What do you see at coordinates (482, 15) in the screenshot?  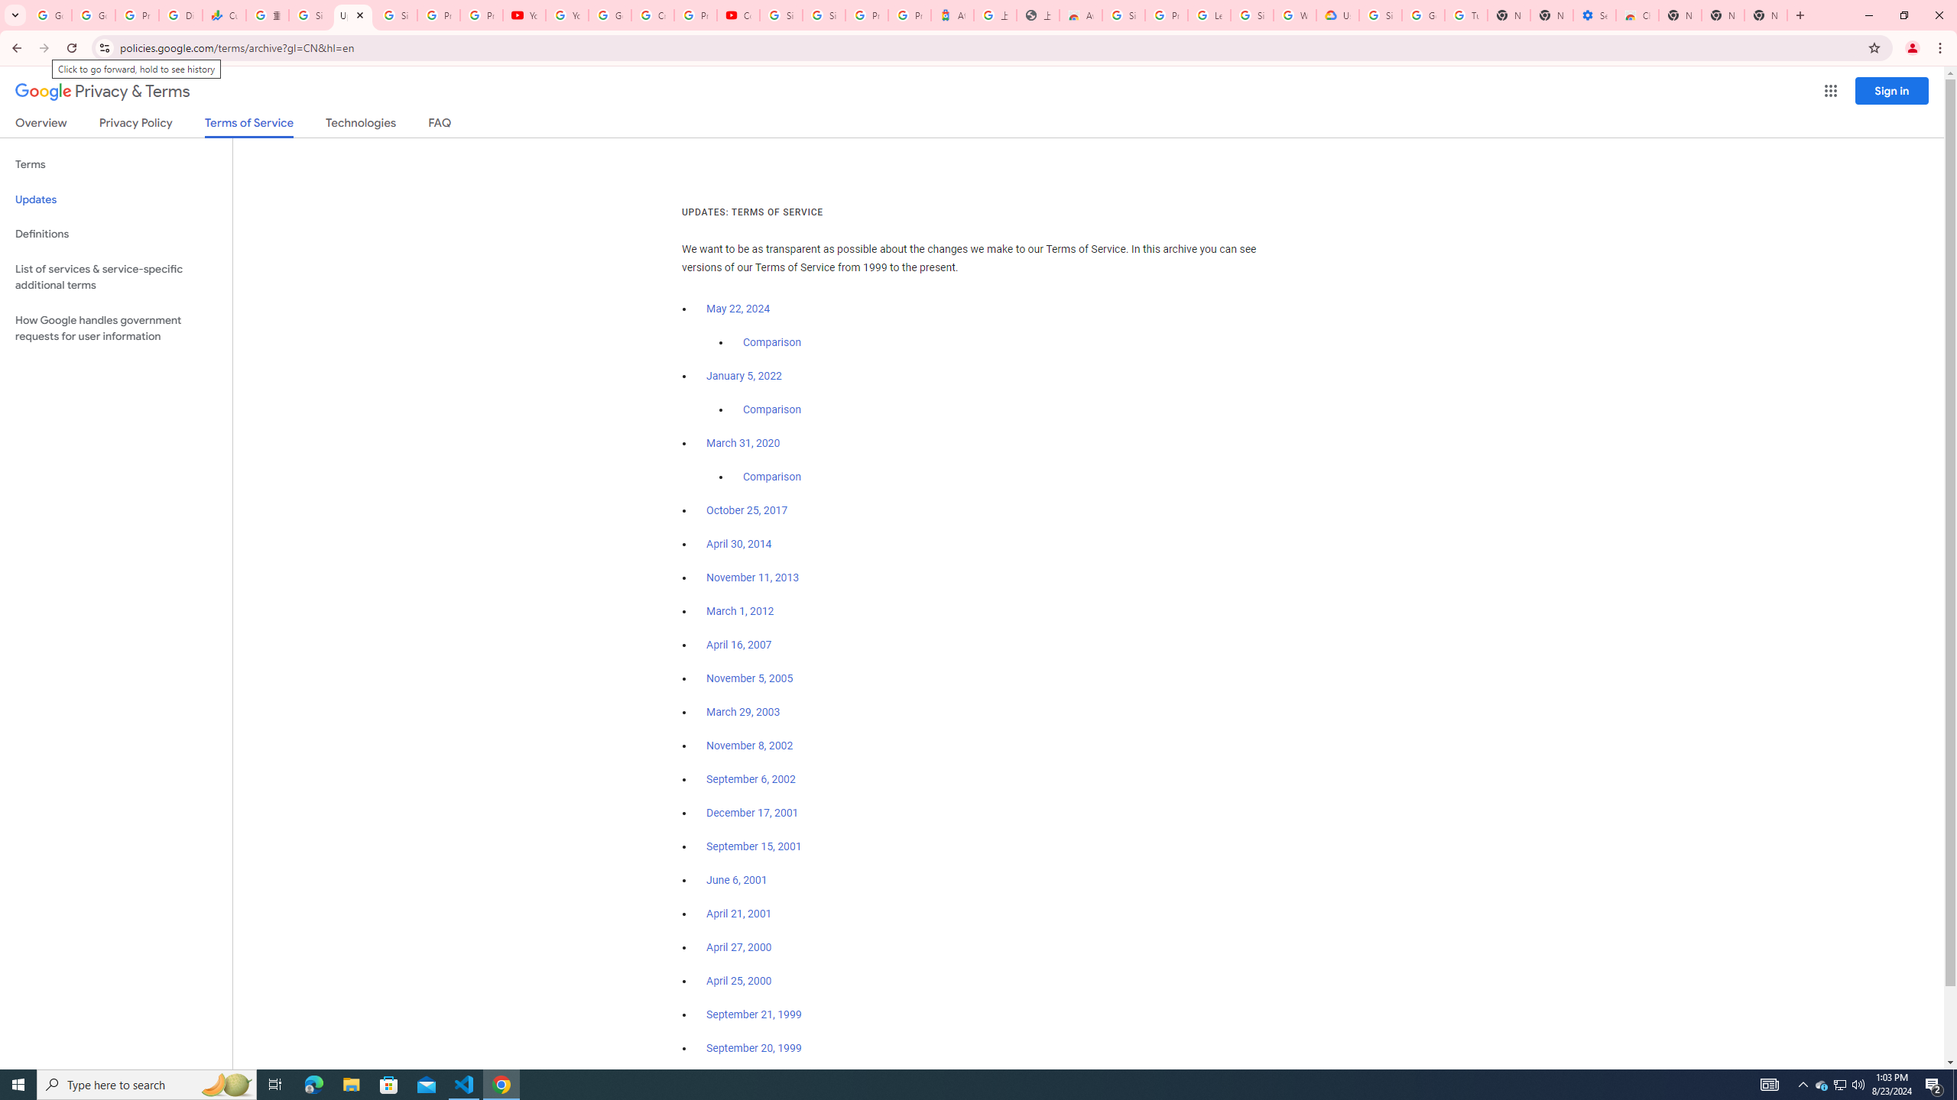 I see `'Privacy Checkup'` at bounding box center [482, 15].